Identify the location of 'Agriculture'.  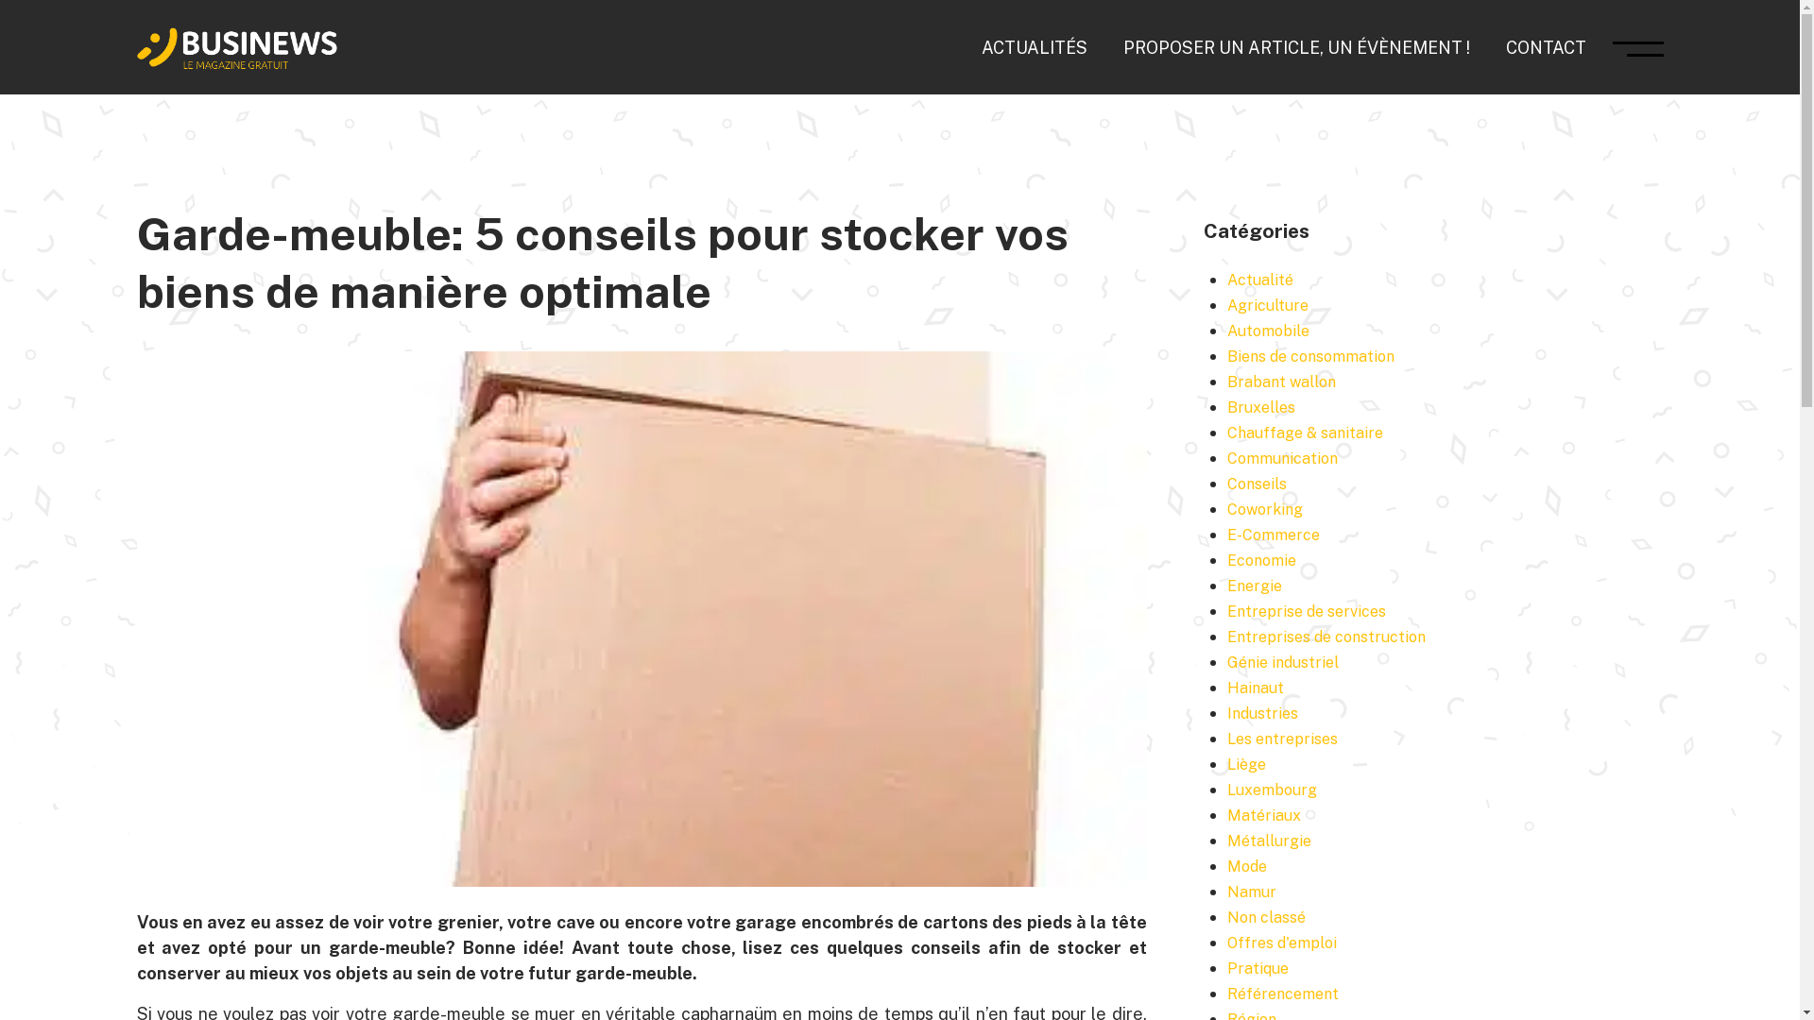
(1268, 304).